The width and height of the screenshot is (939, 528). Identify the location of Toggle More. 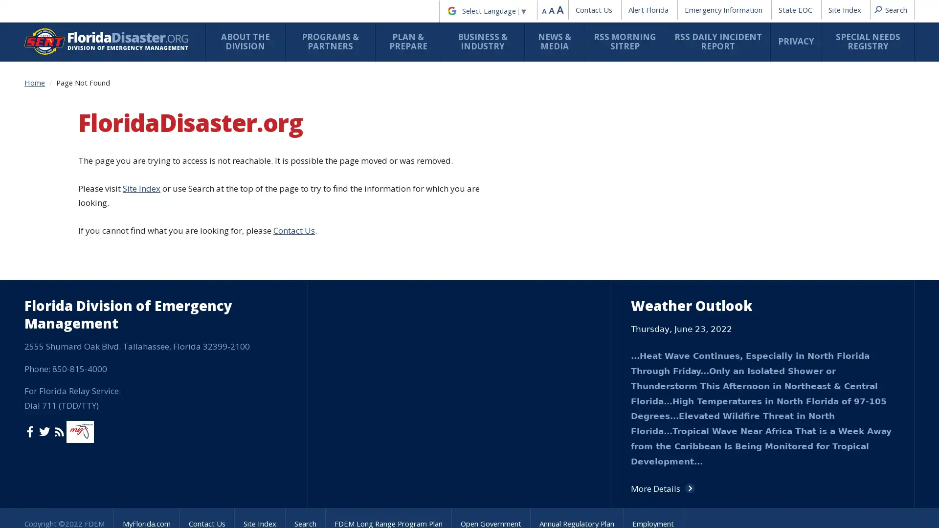
(392, 388).